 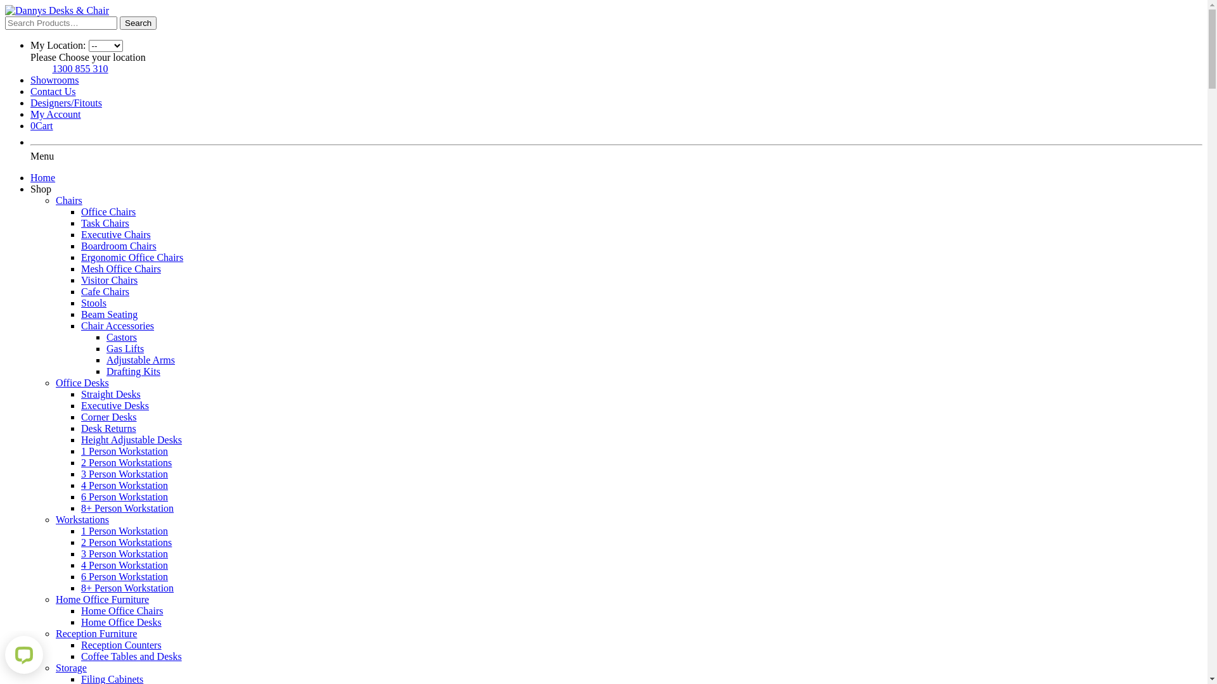 I want to click on 'Shop', so click(x=41, y=189).